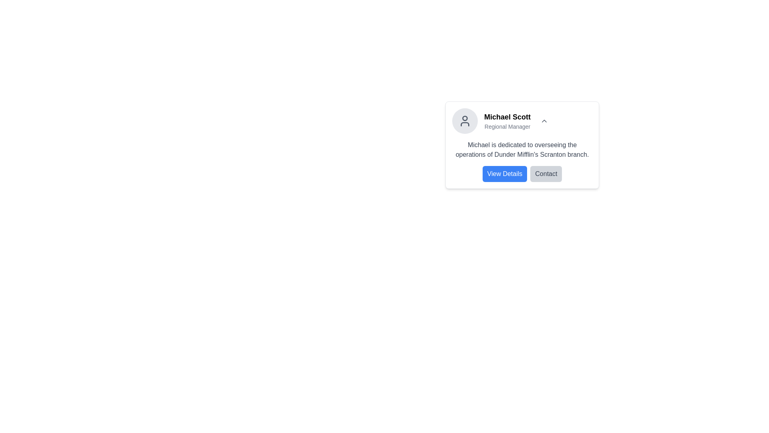 Image resolution: width=769 pixels, height=433 pixels. What do you see at coordinates (544, 121) in the screenshot?
I see `the upward-pointing arrow icon button located to the right of the profile section displaying 'Michael Scott' and 'Regional Manager'` at bounding box center [544, 121].